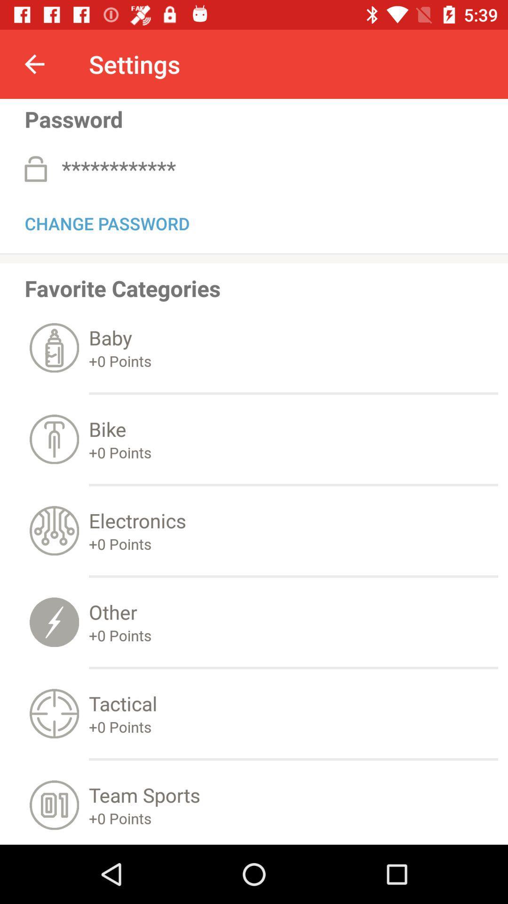  I want to click on the item above password item, so click(34, 64).